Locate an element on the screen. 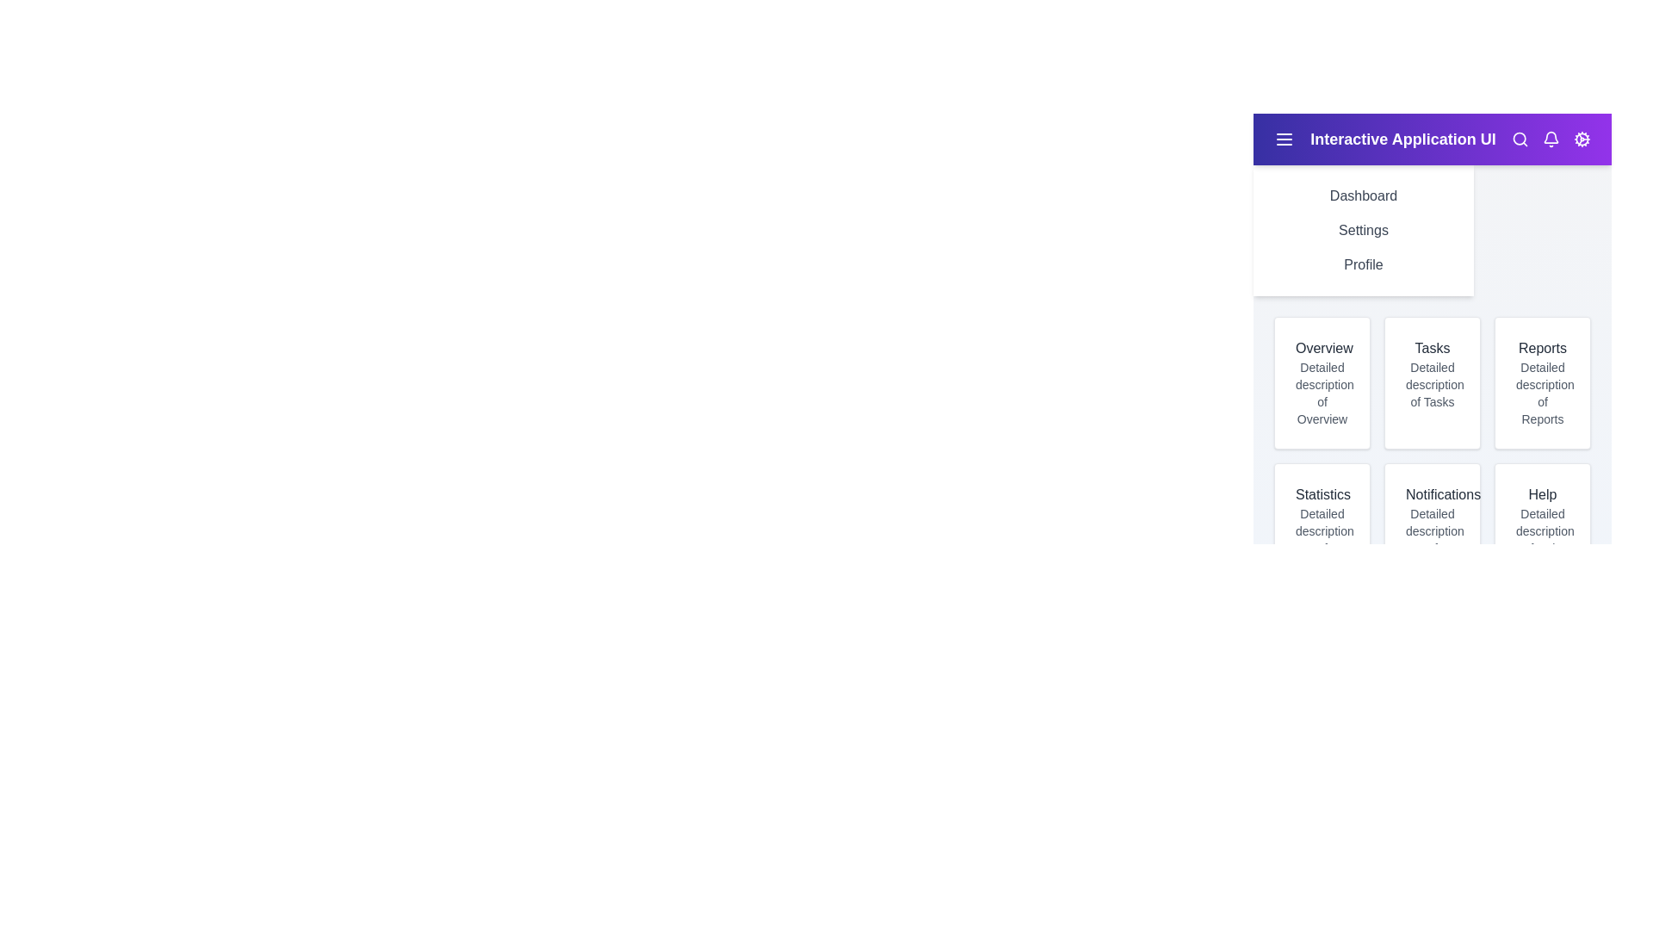  the Overview card to interact with its content is located at coordinates (1322, 381).